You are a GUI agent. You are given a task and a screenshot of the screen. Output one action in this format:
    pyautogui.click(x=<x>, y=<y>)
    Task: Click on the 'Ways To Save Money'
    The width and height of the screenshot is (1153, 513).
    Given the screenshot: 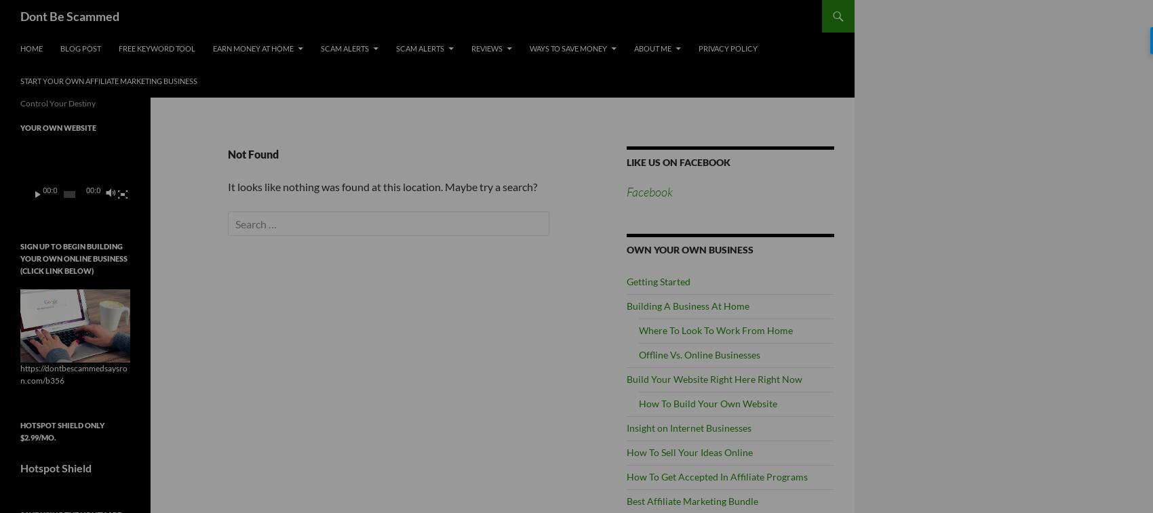 What is the action you would take?
    pyautogui.click(x=567, y=47)
    